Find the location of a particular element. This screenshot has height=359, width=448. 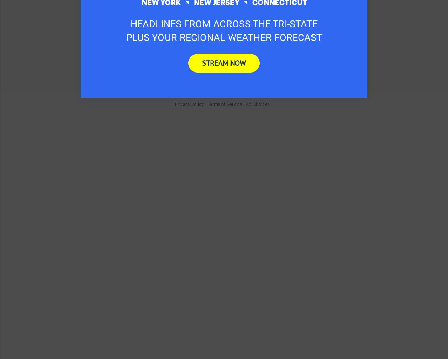

'Send Photos/Videos' is located at coordinates (132, 27).